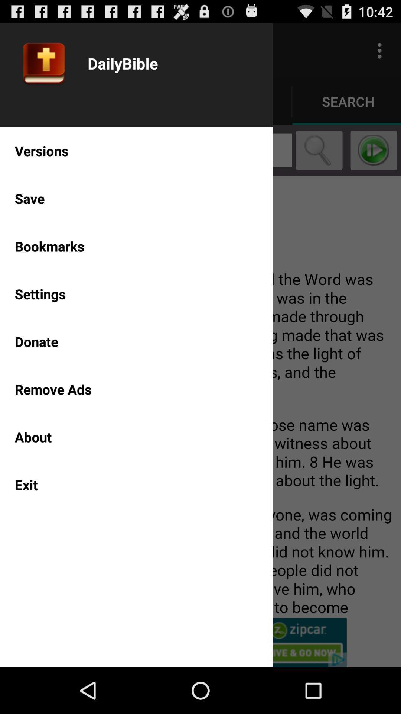 The height and width of the screenshot is (714, 401). Describe the element at coordinates (374, 160) in the screenshot. I see `the play icon` at that location.